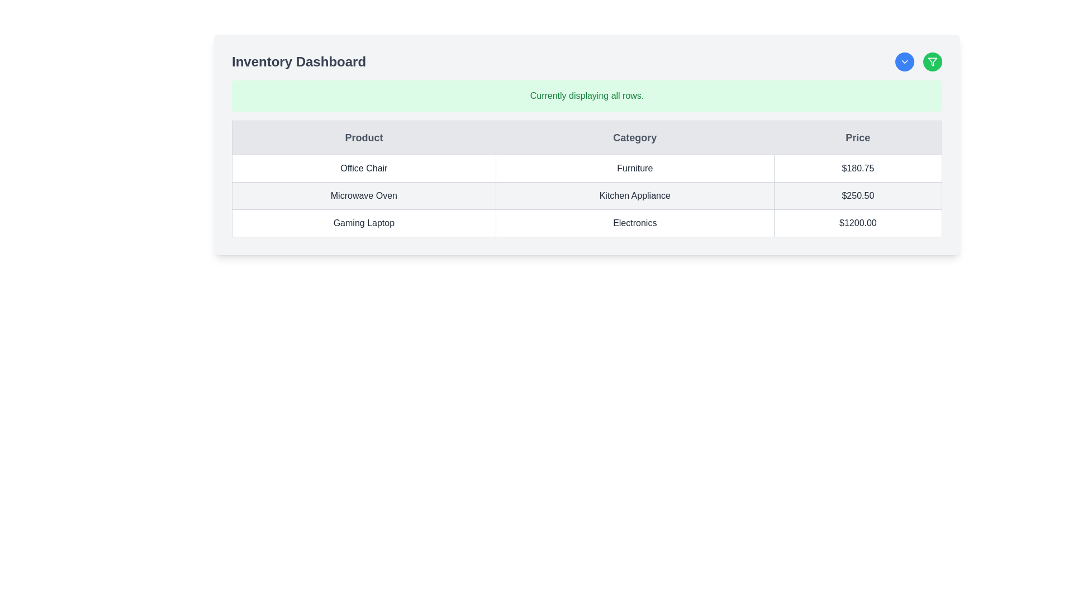  I want to click on the 'Gaming Laptop' text label element, which is a bold text in the leftmost column of the last row of a table, aligned with the 'Electronics' category and '$1200.00' price, so click(364, 223).